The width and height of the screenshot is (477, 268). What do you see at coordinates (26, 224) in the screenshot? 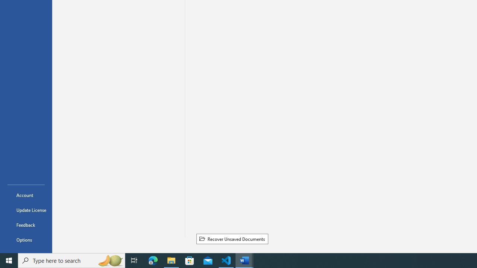
I see `'Feedback'` at bounding box center [26, 224].